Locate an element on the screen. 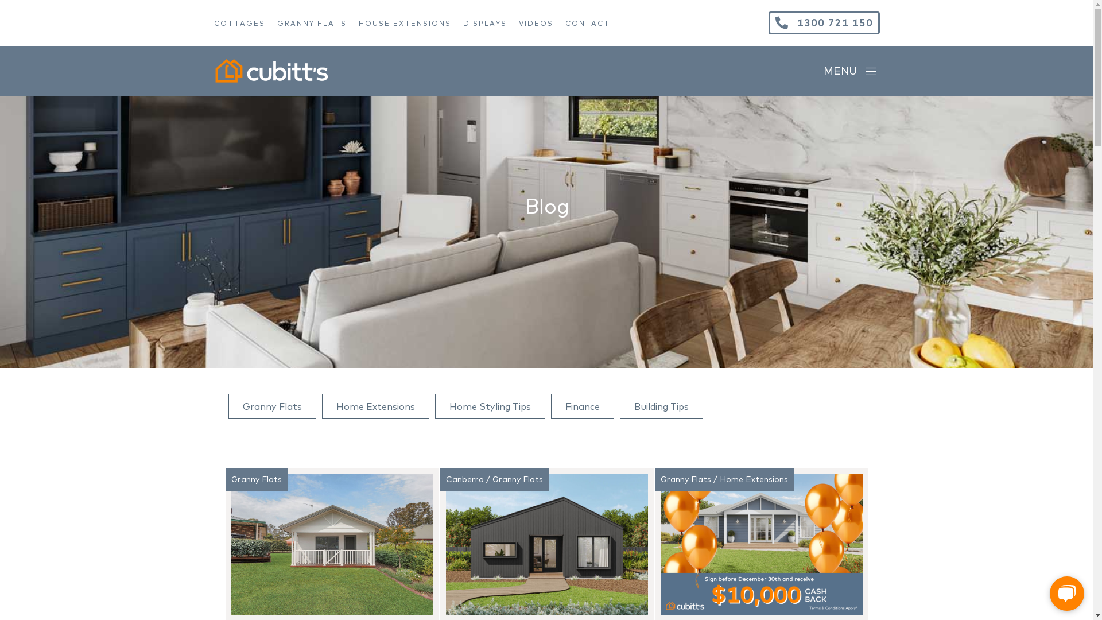 The image size is (1102, 620). 'Canberra' is located at coordinates (464, 479).